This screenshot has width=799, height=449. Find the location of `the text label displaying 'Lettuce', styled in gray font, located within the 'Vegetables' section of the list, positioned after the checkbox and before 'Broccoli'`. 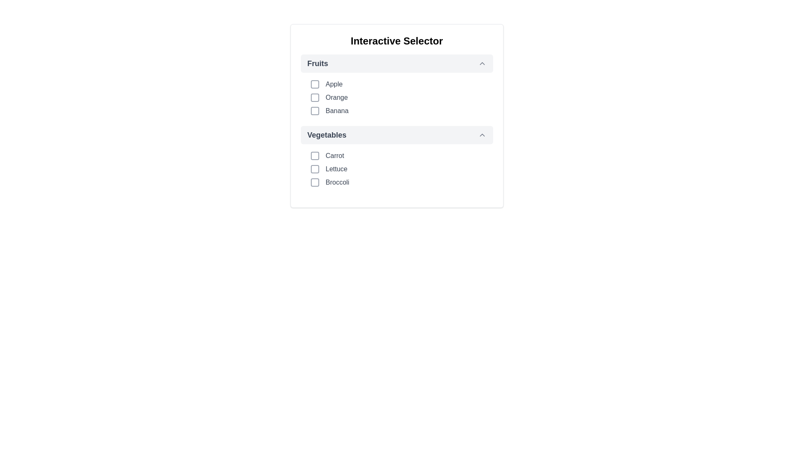

the text label displaying 'Lettuce', styled in gray font, located within the 'Vegetables' section of the list, positioned after the checkbox and before 'Broccoli' is located at coordinates (336, 169).